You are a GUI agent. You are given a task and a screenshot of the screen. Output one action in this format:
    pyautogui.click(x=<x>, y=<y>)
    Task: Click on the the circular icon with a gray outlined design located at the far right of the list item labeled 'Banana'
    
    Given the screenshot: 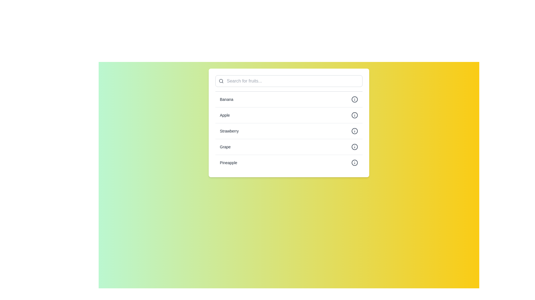 What is the action you would take?
    pyautogui.click(x=354, y=99)
    